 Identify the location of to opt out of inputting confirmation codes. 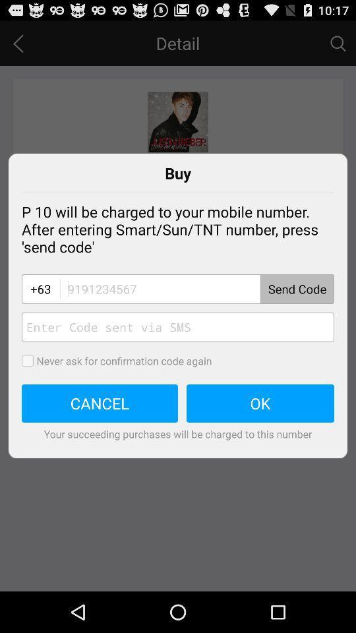
(32, 361).